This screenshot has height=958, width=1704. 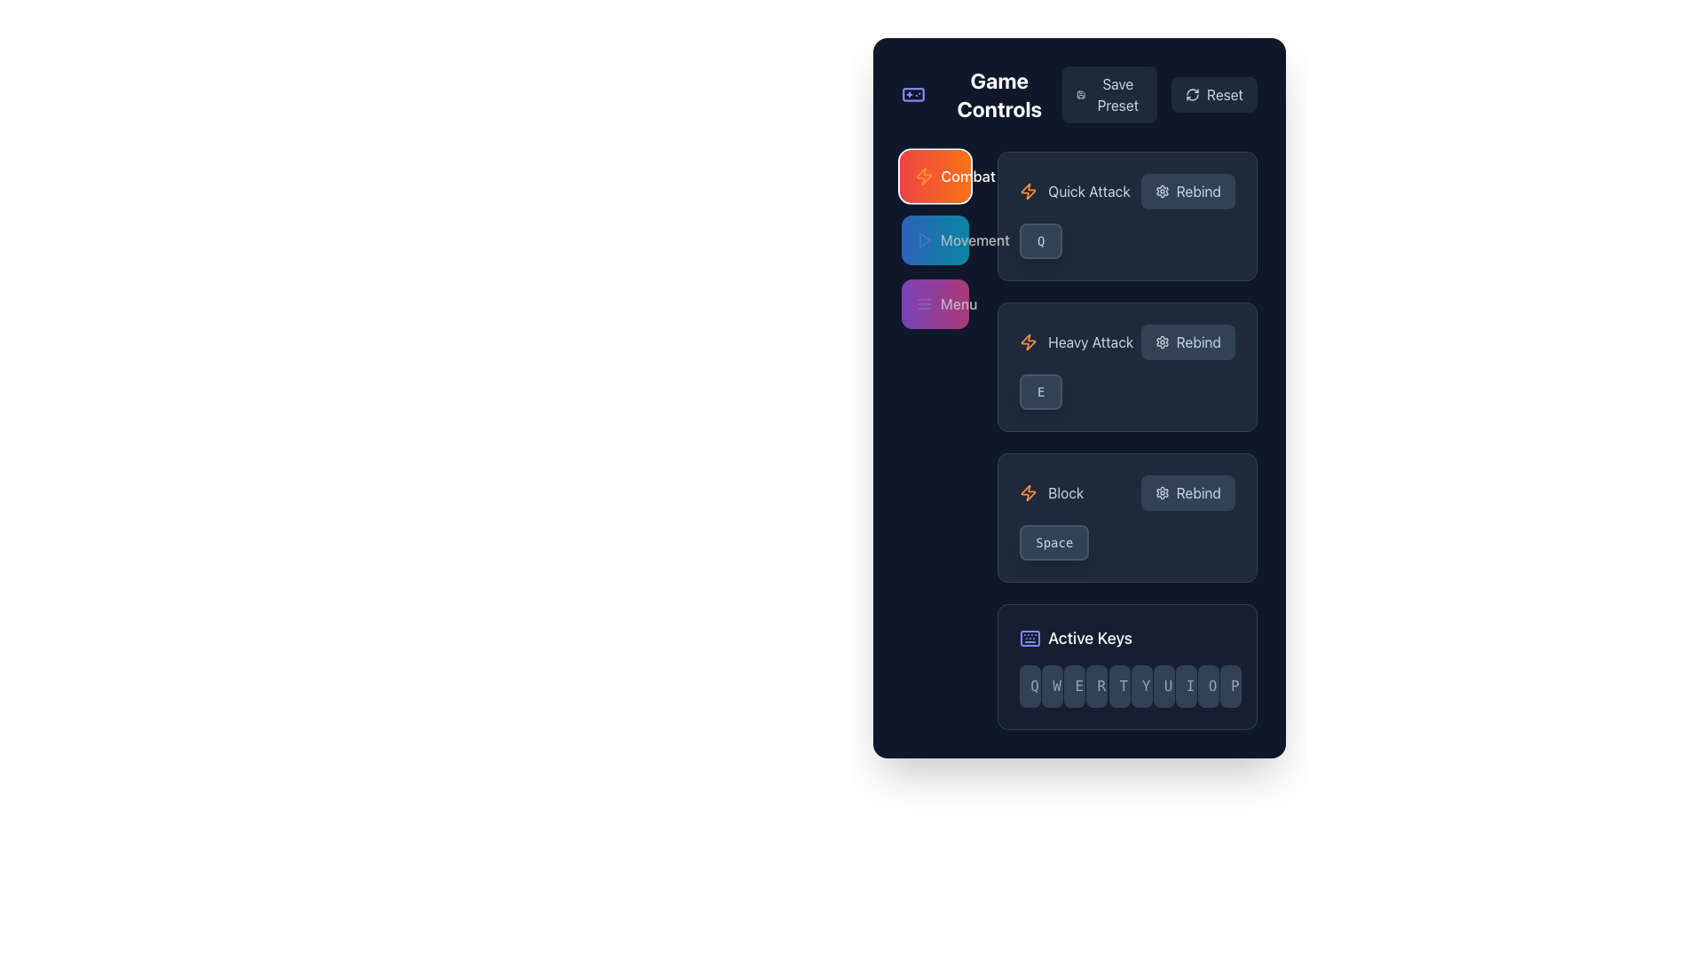 What do you see at coordinates (1080, 95) in the screenshot?
I see `the save icon located to the left of the 'Save Preset' button in the top-right corner of the Game Controls panel for visual verification` at bounding box center [1080, 95].